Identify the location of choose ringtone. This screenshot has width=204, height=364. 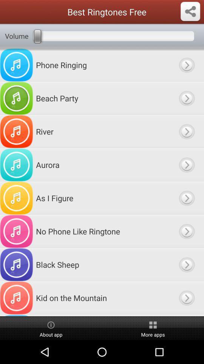
(186, 265).